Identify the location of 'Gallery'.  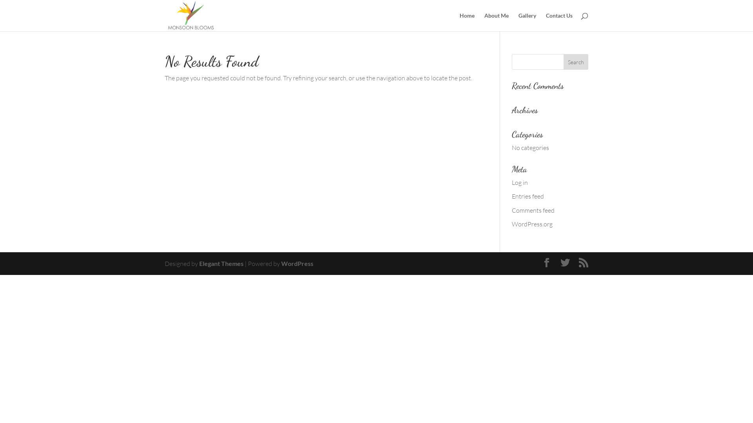
(527, 22).